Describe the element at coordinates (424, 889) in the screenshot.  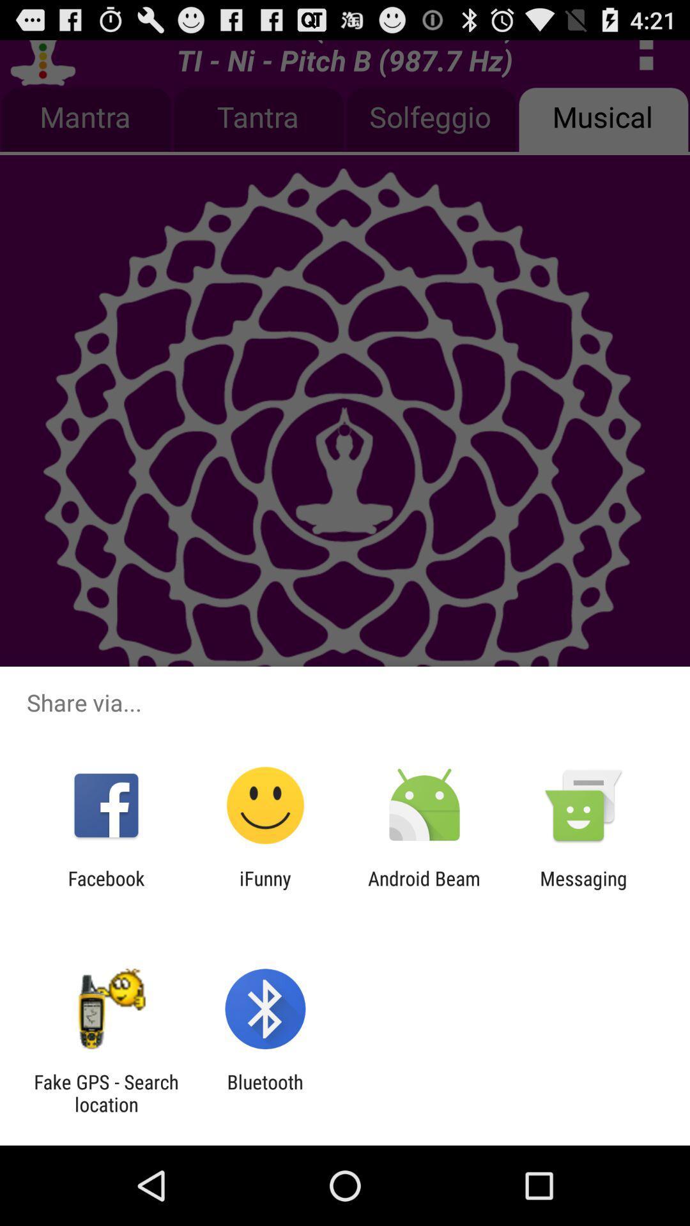
I see `the item next to the ifunny item` at that location.